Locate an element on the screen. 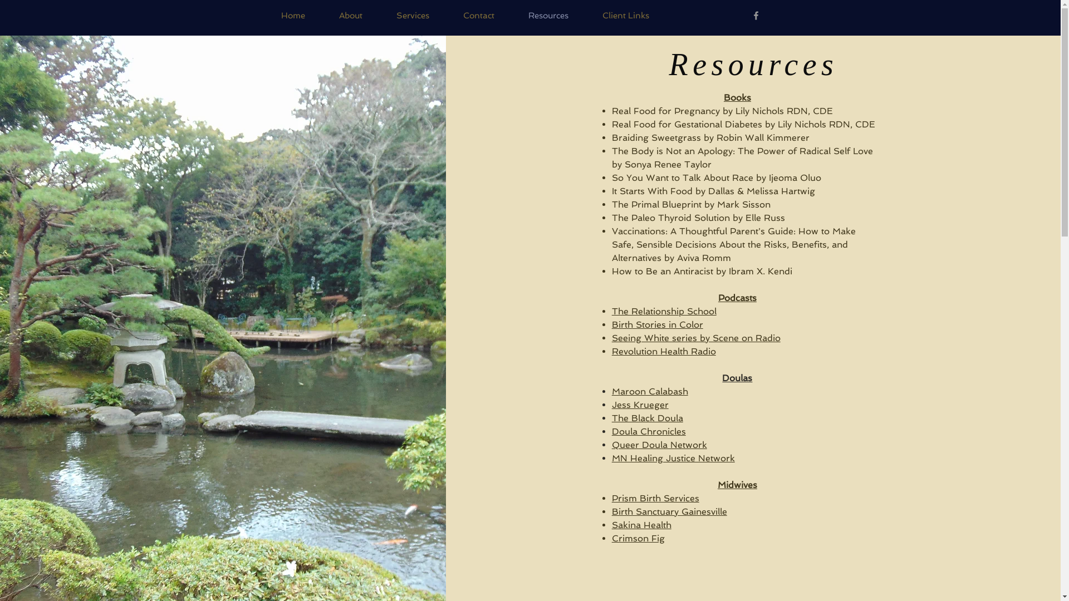 The image size is (1069, 601). 'Jess Krueger' is located at coordinates (640, 405).